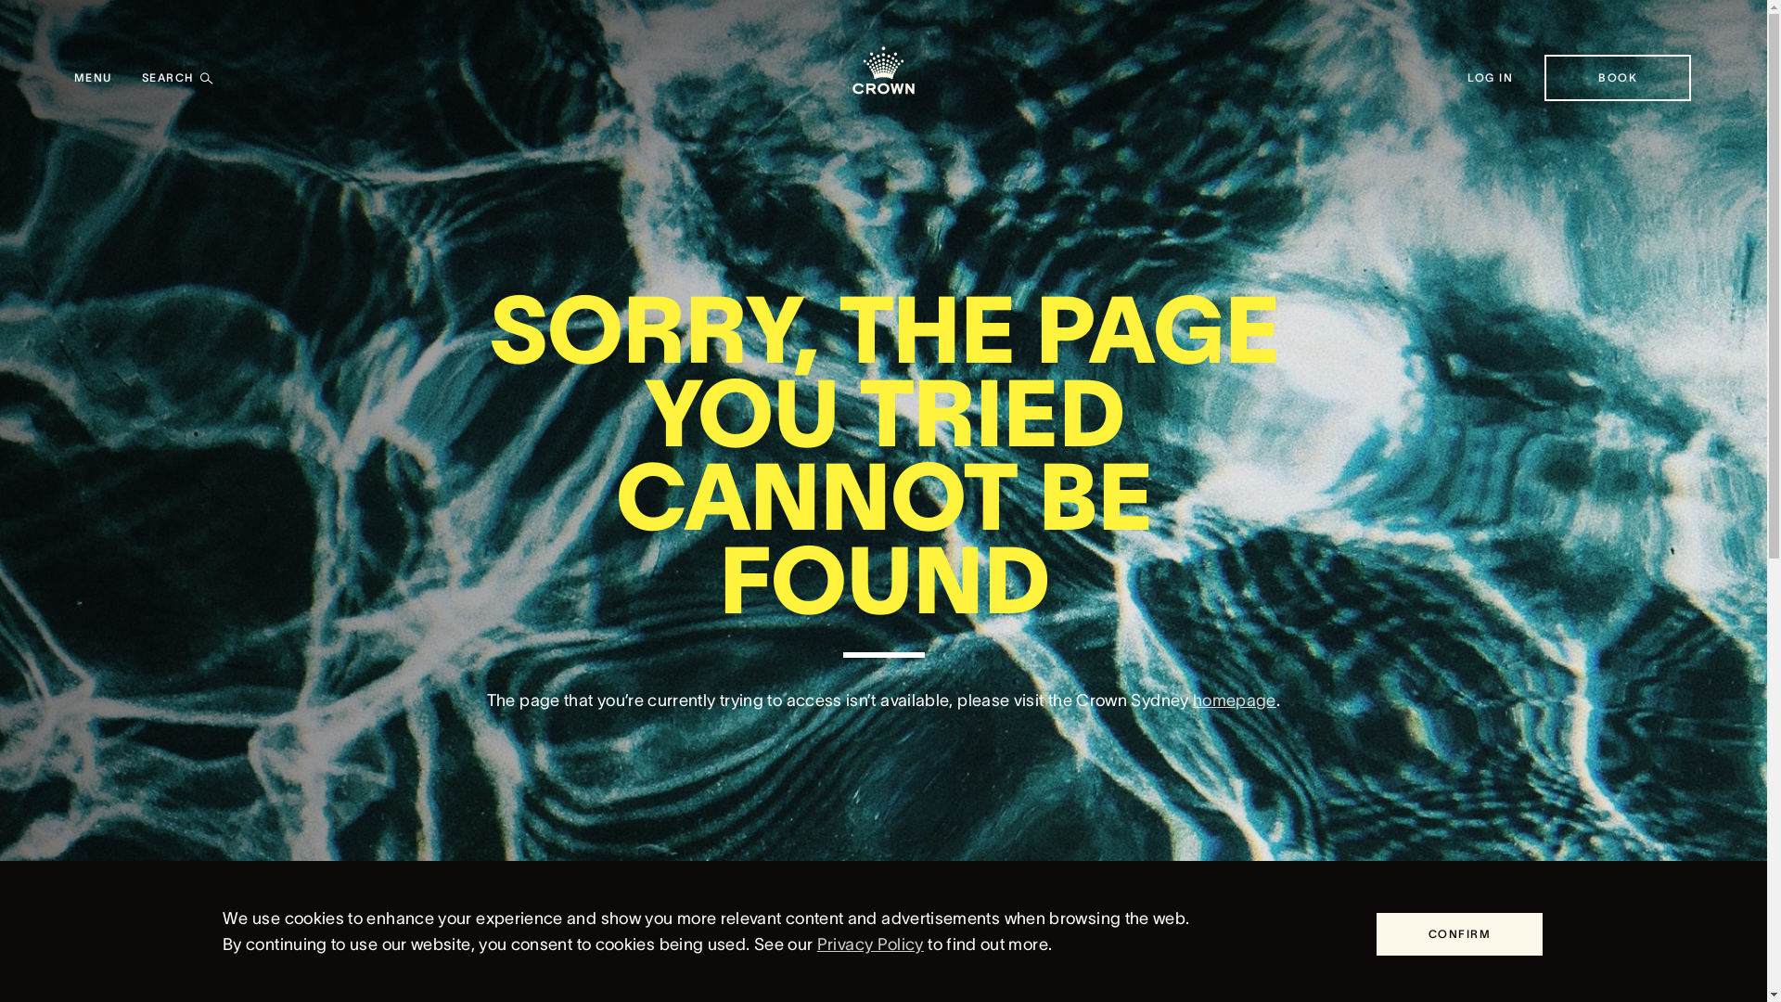 This screenshot has height=1002, width=1781. What do you see at coordinates (141, 77) in the screenshot?
I see `'SEARCH'` at bounding box center [141, 77].